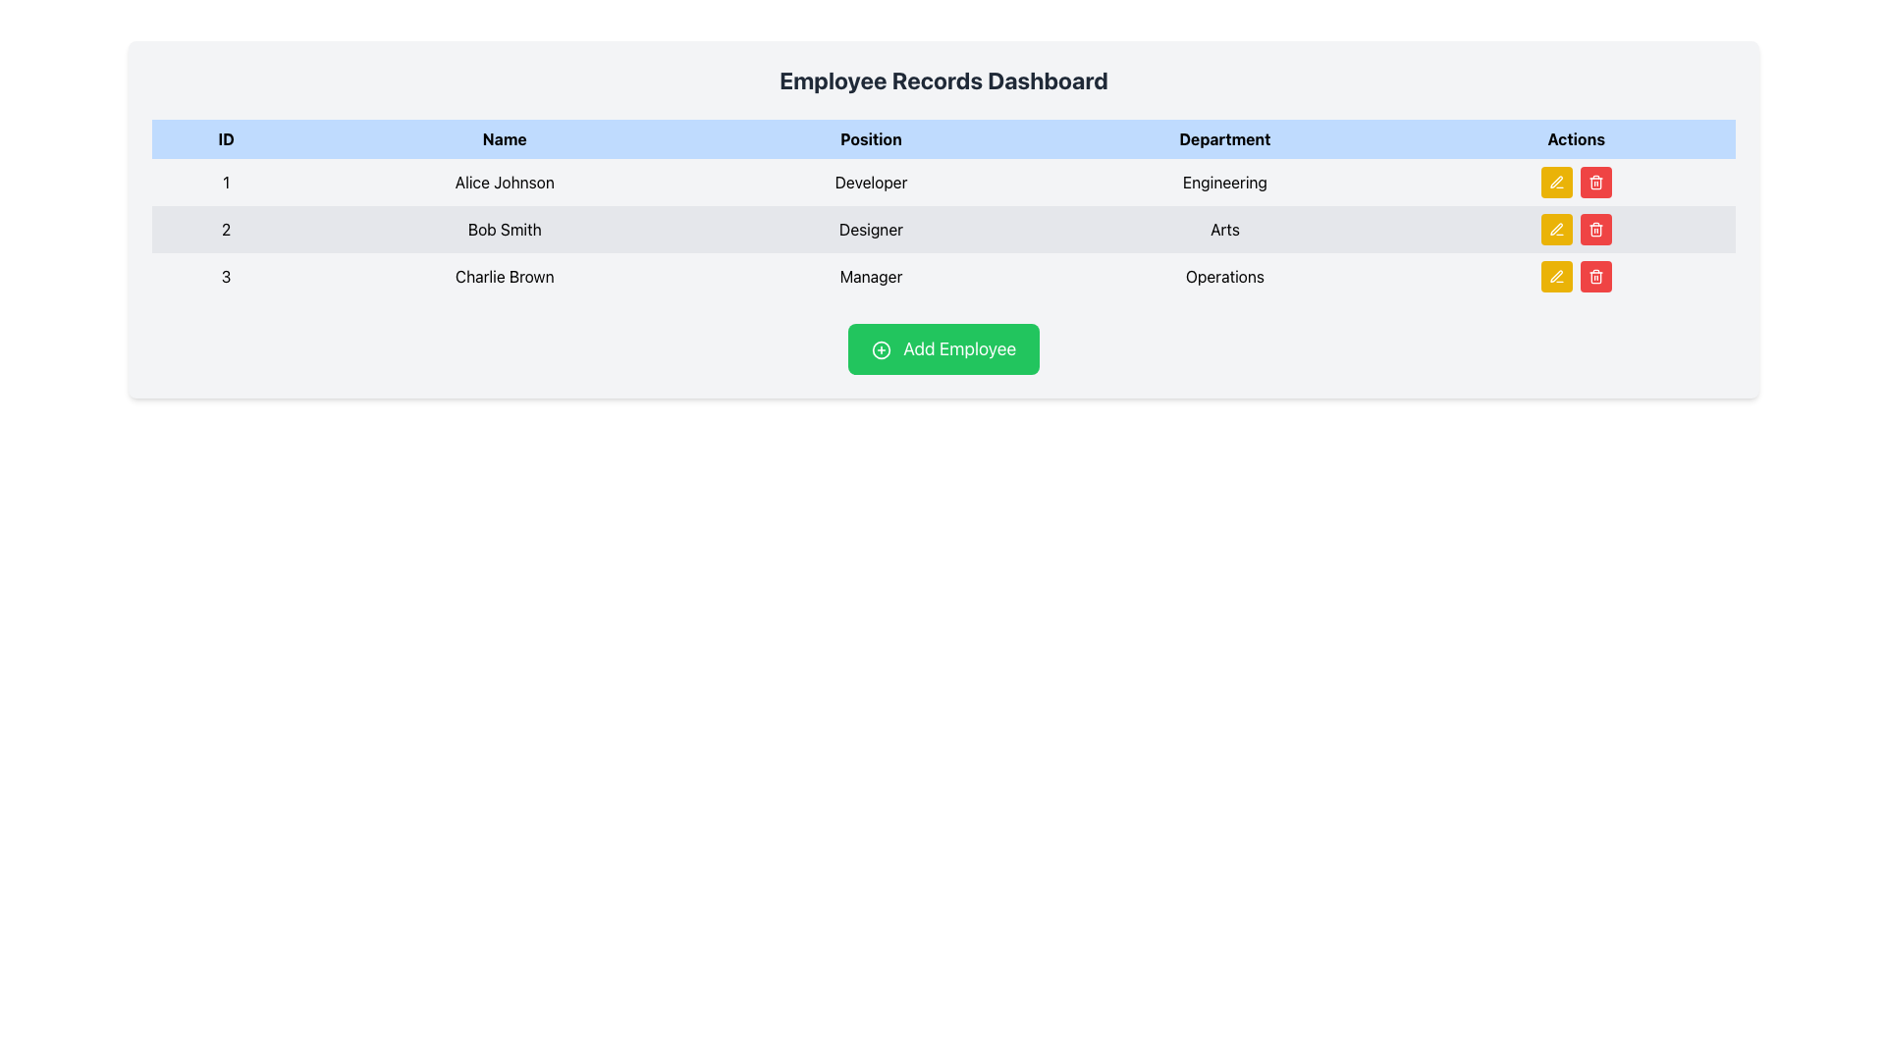 The image size is (1885, 1060). What do you see at coordinates (504, 138) in the screenshot?
I see `the 'Name' column header cell, which is located in the second column of the header row in the table, positioned between the 'ID' and 'Position' columns` at bounding box center [504, 138].